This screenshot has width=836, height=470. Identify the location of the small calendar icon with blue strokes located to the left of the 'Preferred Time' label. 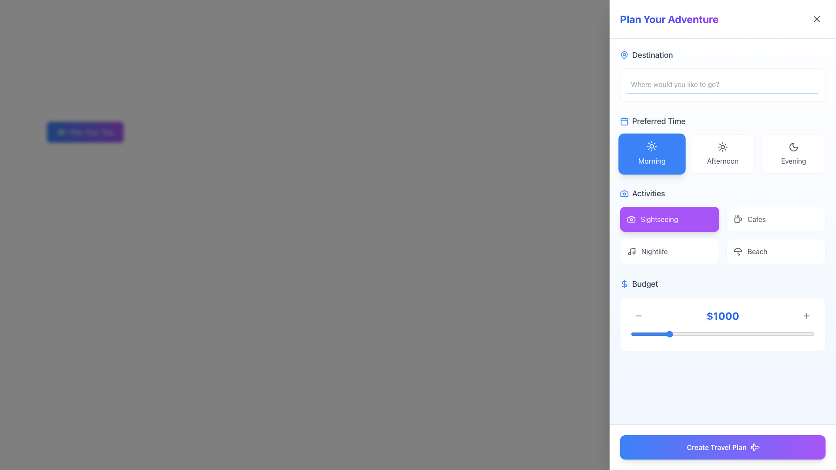
(624, 121).